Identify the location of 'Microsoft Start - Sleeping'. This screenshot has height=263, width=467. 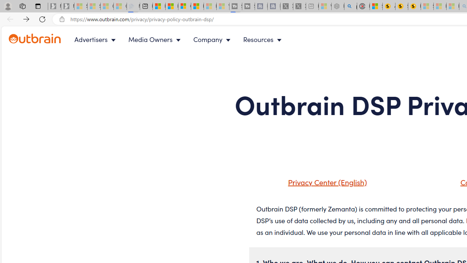
(210, 6).